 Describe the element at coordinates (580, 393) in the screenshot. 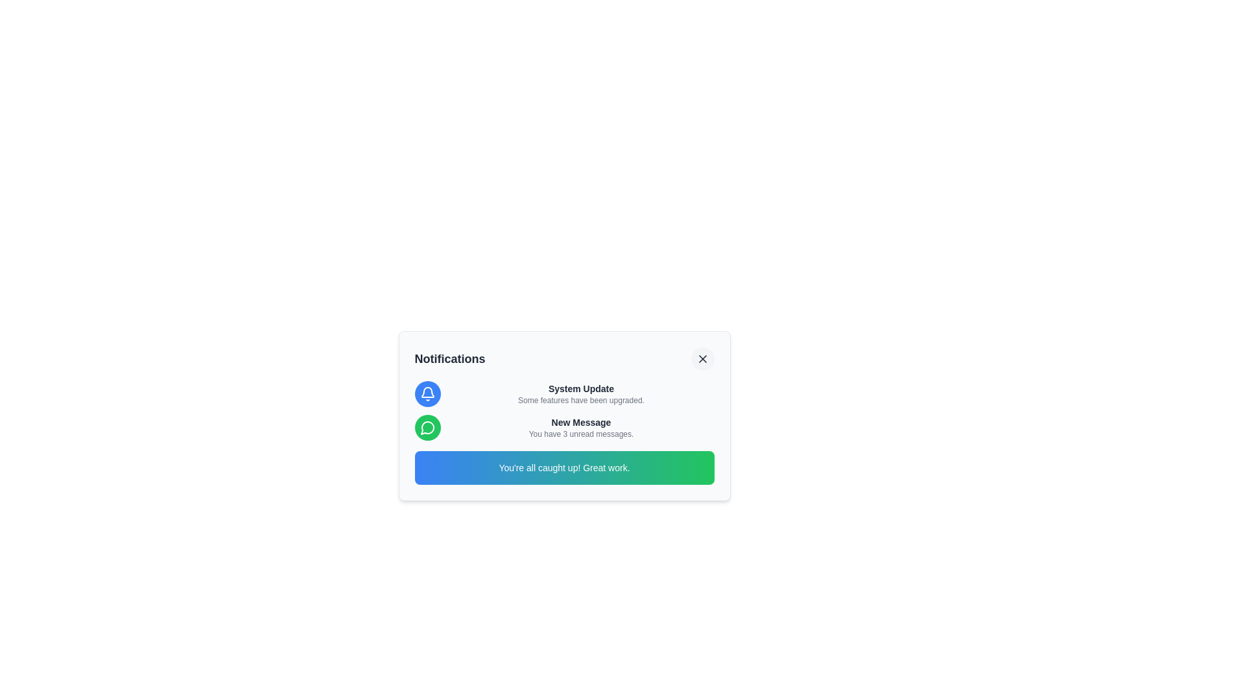

I see `the informational text block displaying 'System Update' with the subtitle 'Some features have been upgraded.' located in the upper half of the notification popup window` at that location.